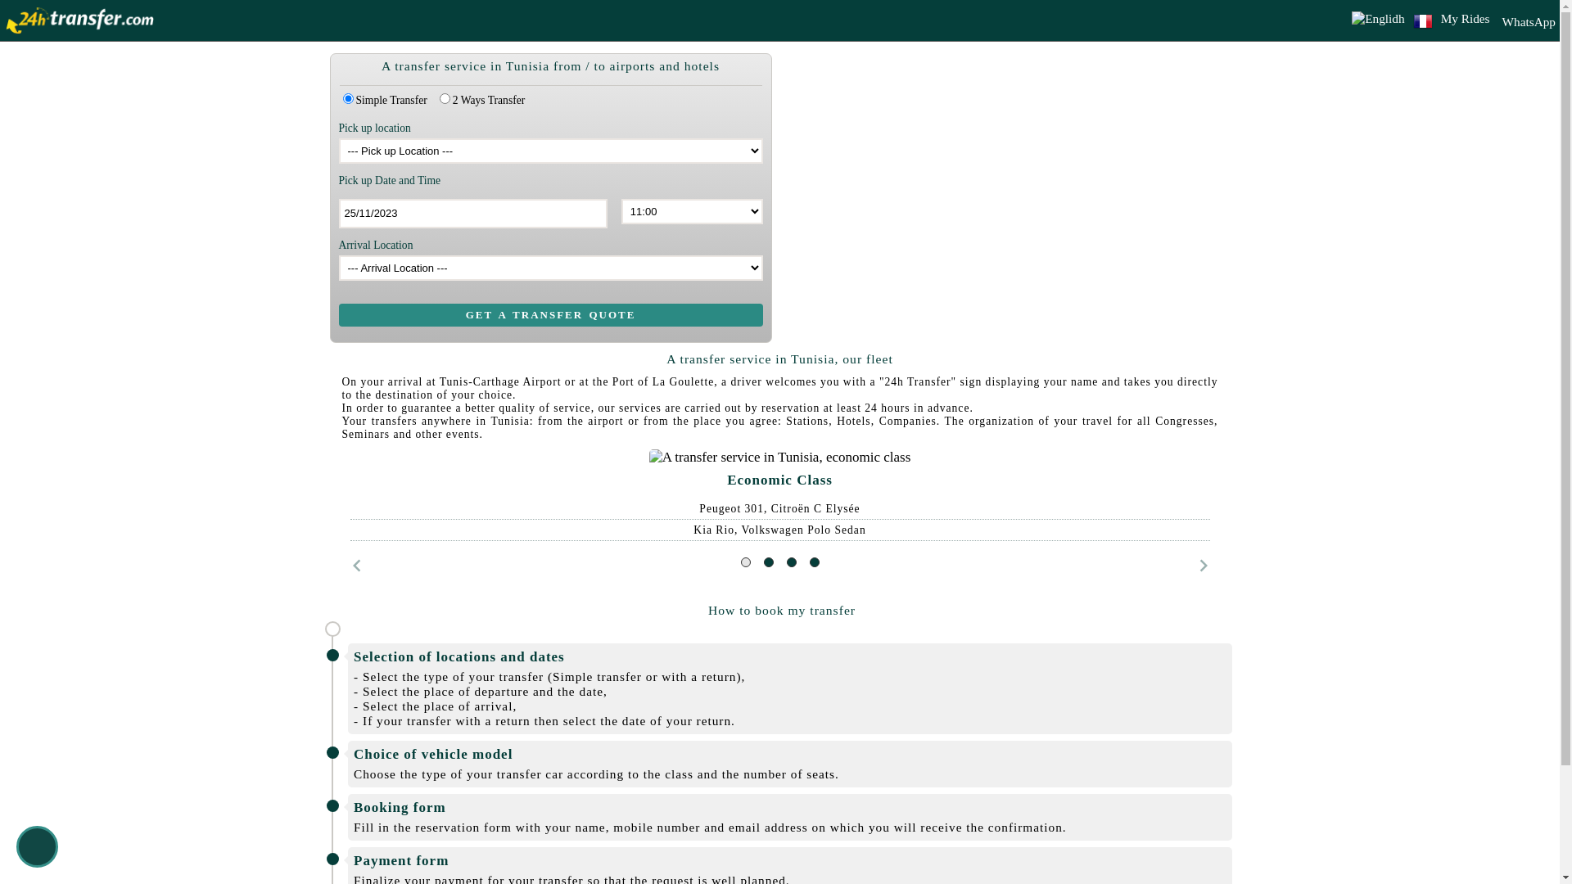 The height and width of the screenshot is (884, 1572). Describe the element at coordinates (1466, 18) in the screenshot. I see `'My Rides'` at that location.